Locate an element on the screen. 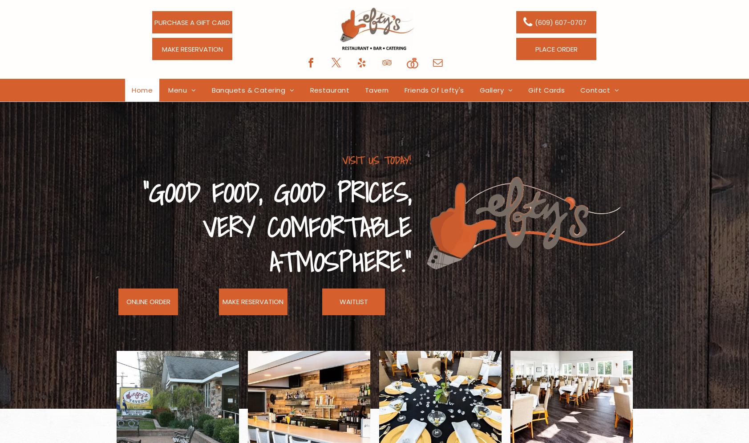 The height and width of the screenshot is (443, 749). 'Our Regular Menu' is located at coordinates (205, 108).